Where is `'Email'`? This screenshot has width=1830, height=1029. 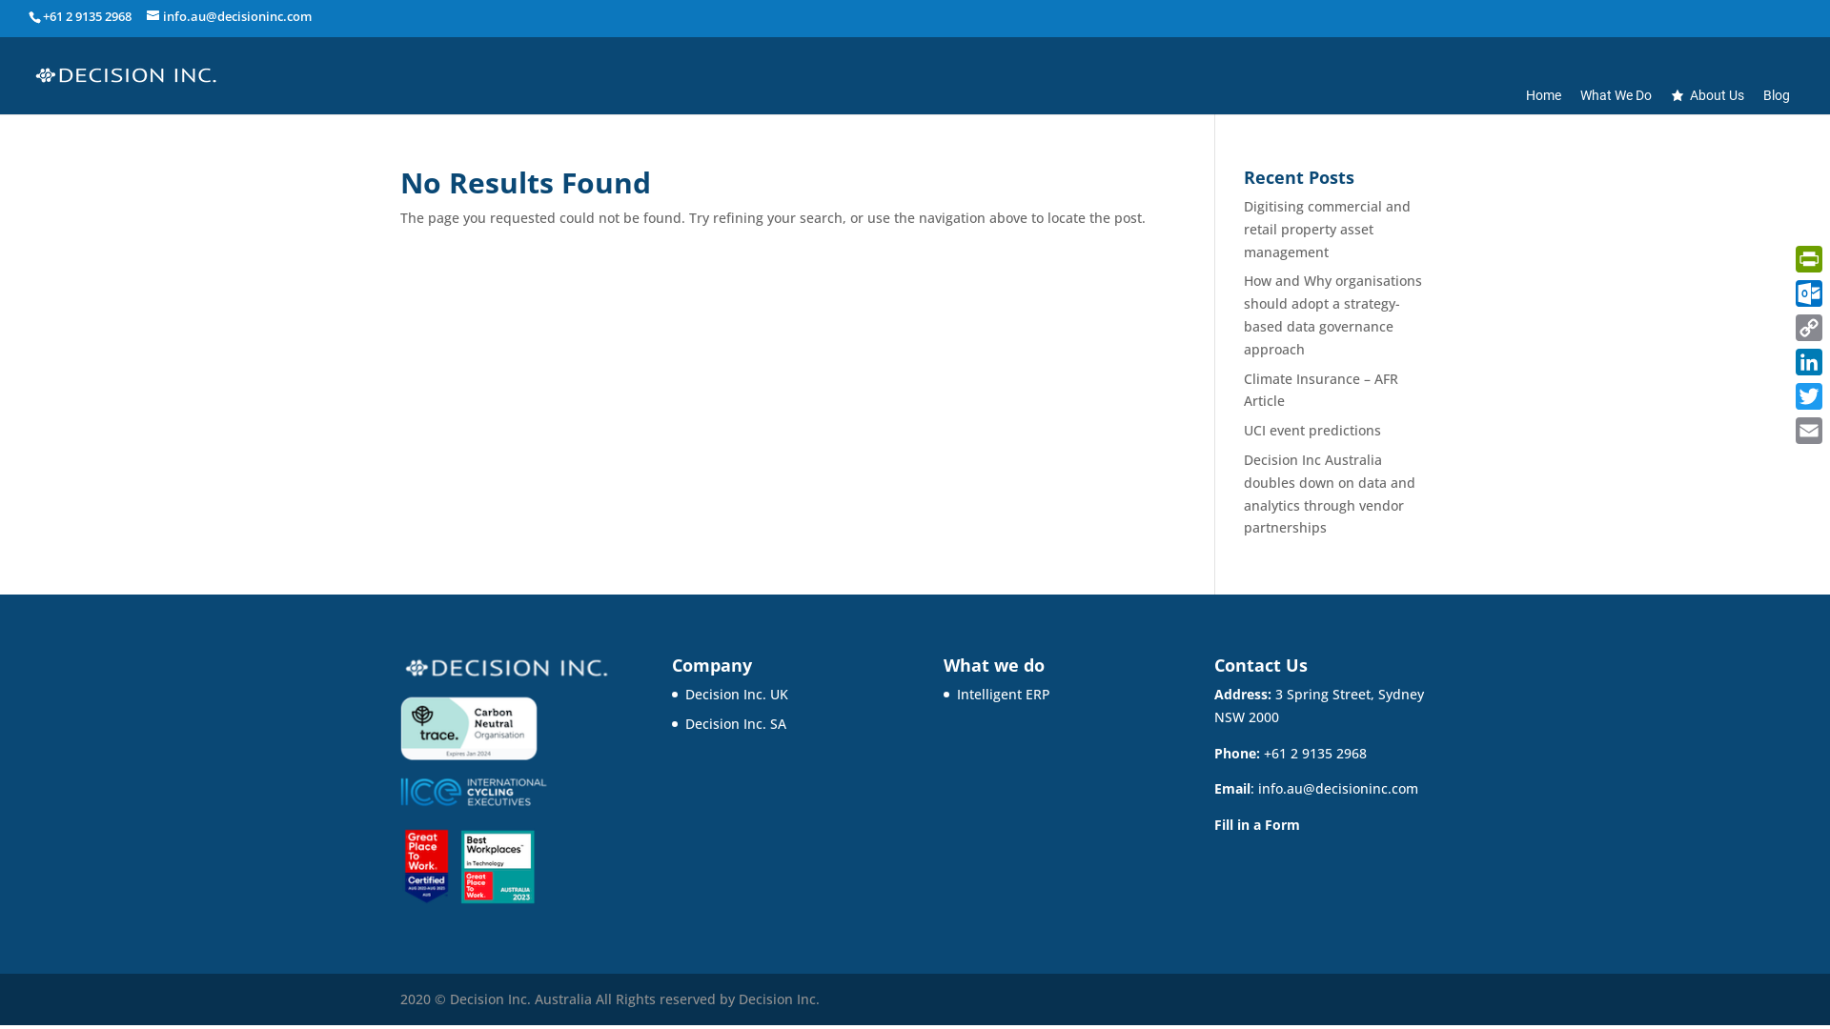
'Email' is located at coordinates (1807, 430).